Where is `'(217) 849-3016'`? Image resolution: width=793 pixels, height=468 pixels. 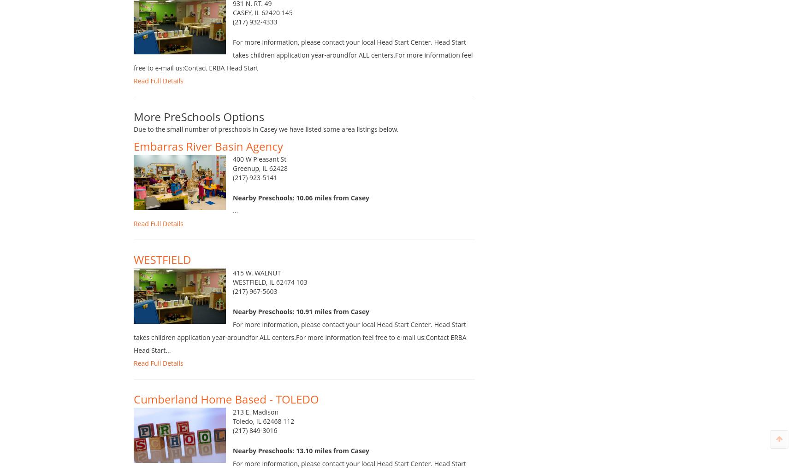 '(217) 849-3016' is located at coordinates (254, 440).